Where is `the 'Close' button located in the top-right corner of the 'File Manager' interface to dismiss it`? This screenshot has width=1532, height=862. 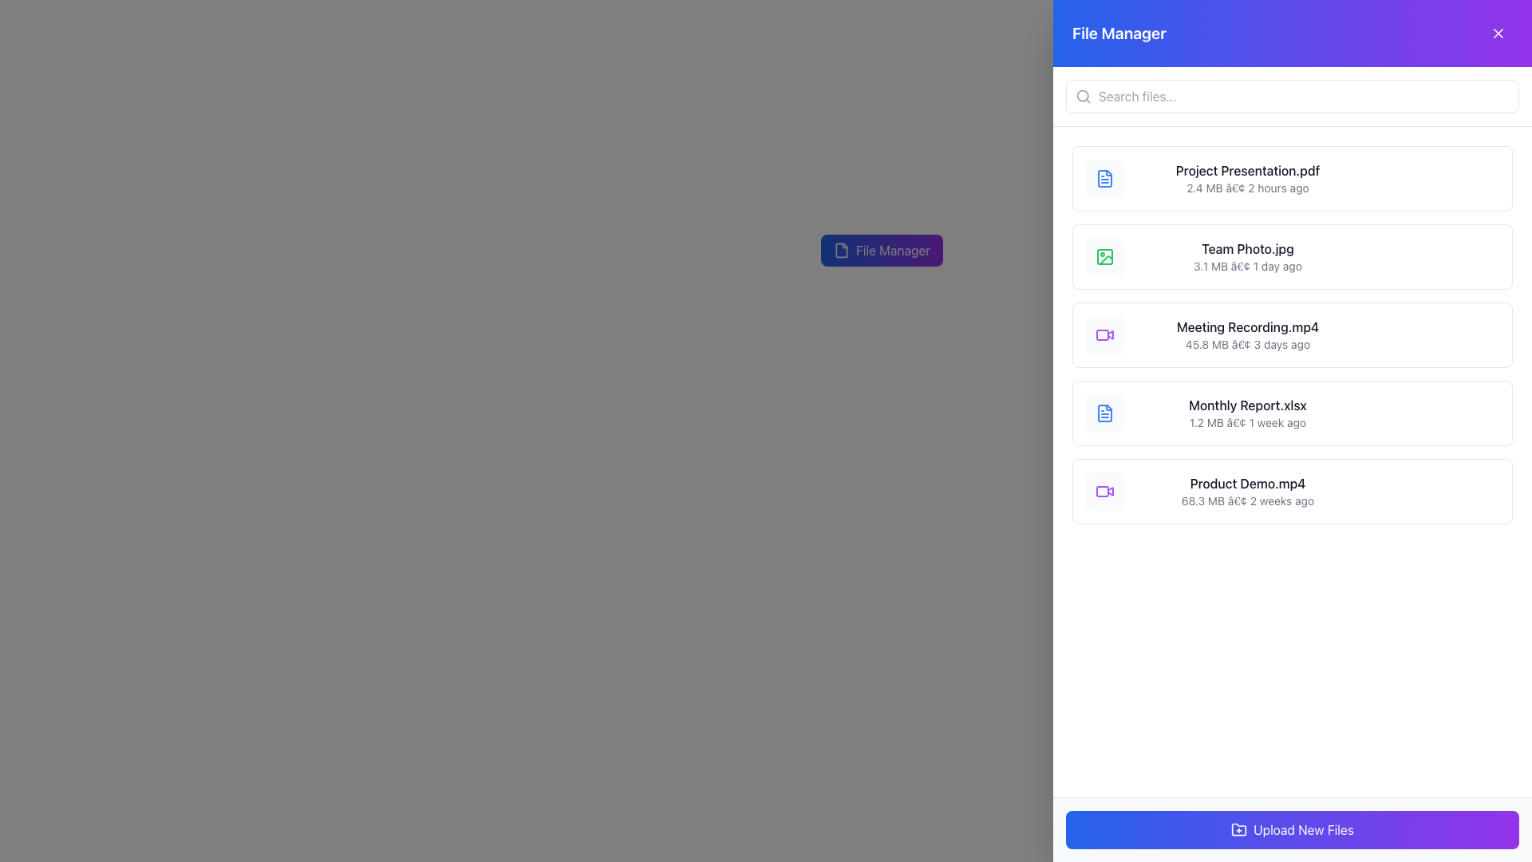 the 'Close' button located in the top-right corner of the 'File Manager' interface to dismiss it is located at coordinates (1497, 34).